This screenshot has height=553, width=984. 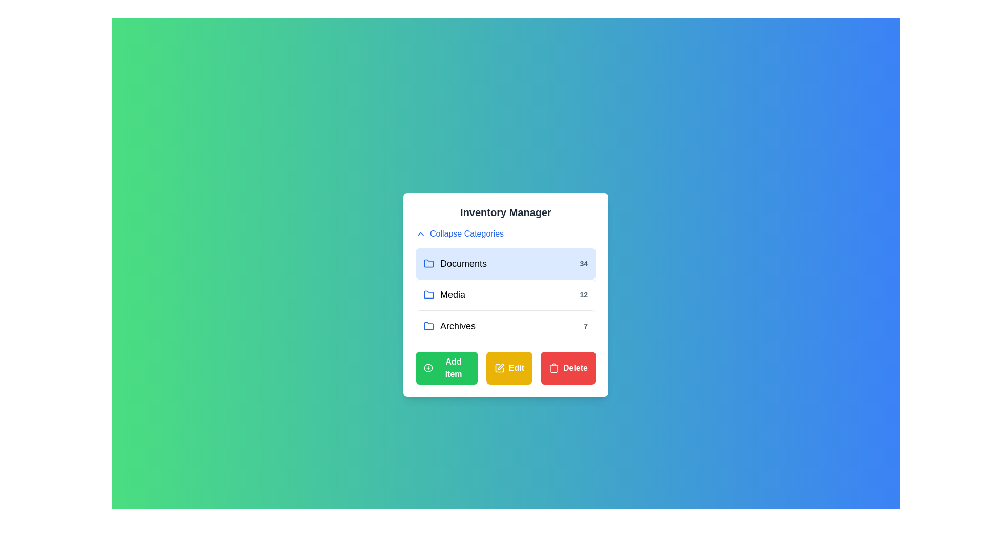 What do you see at coordinates (567, 367) in the screenshot?
I see `the 'Delete' button to remove an item` at bounding box center [567, 367].